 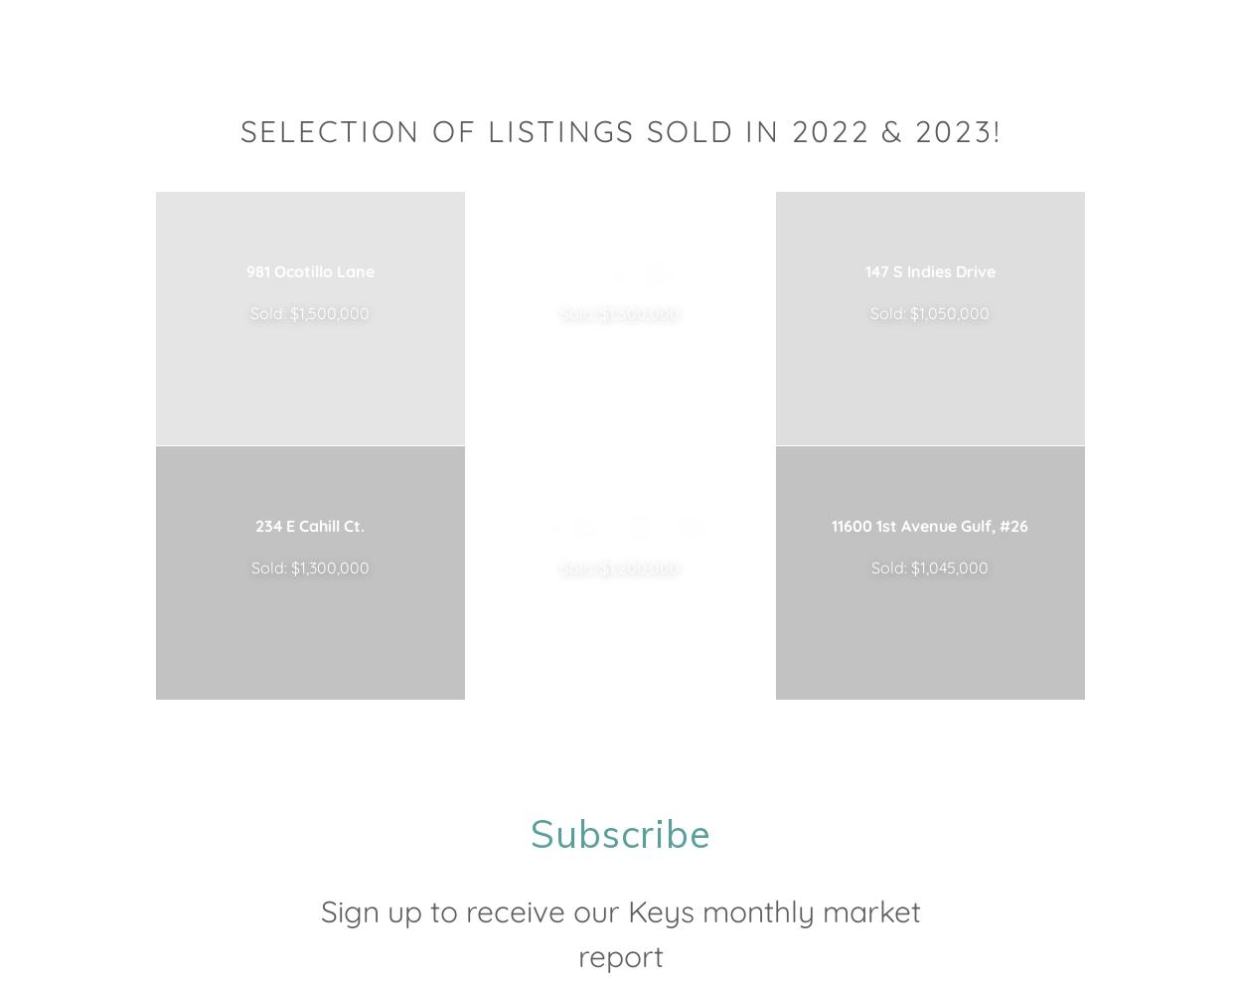 I want to click on '234 E Cahill Ct.', so click(x=310, y=525).